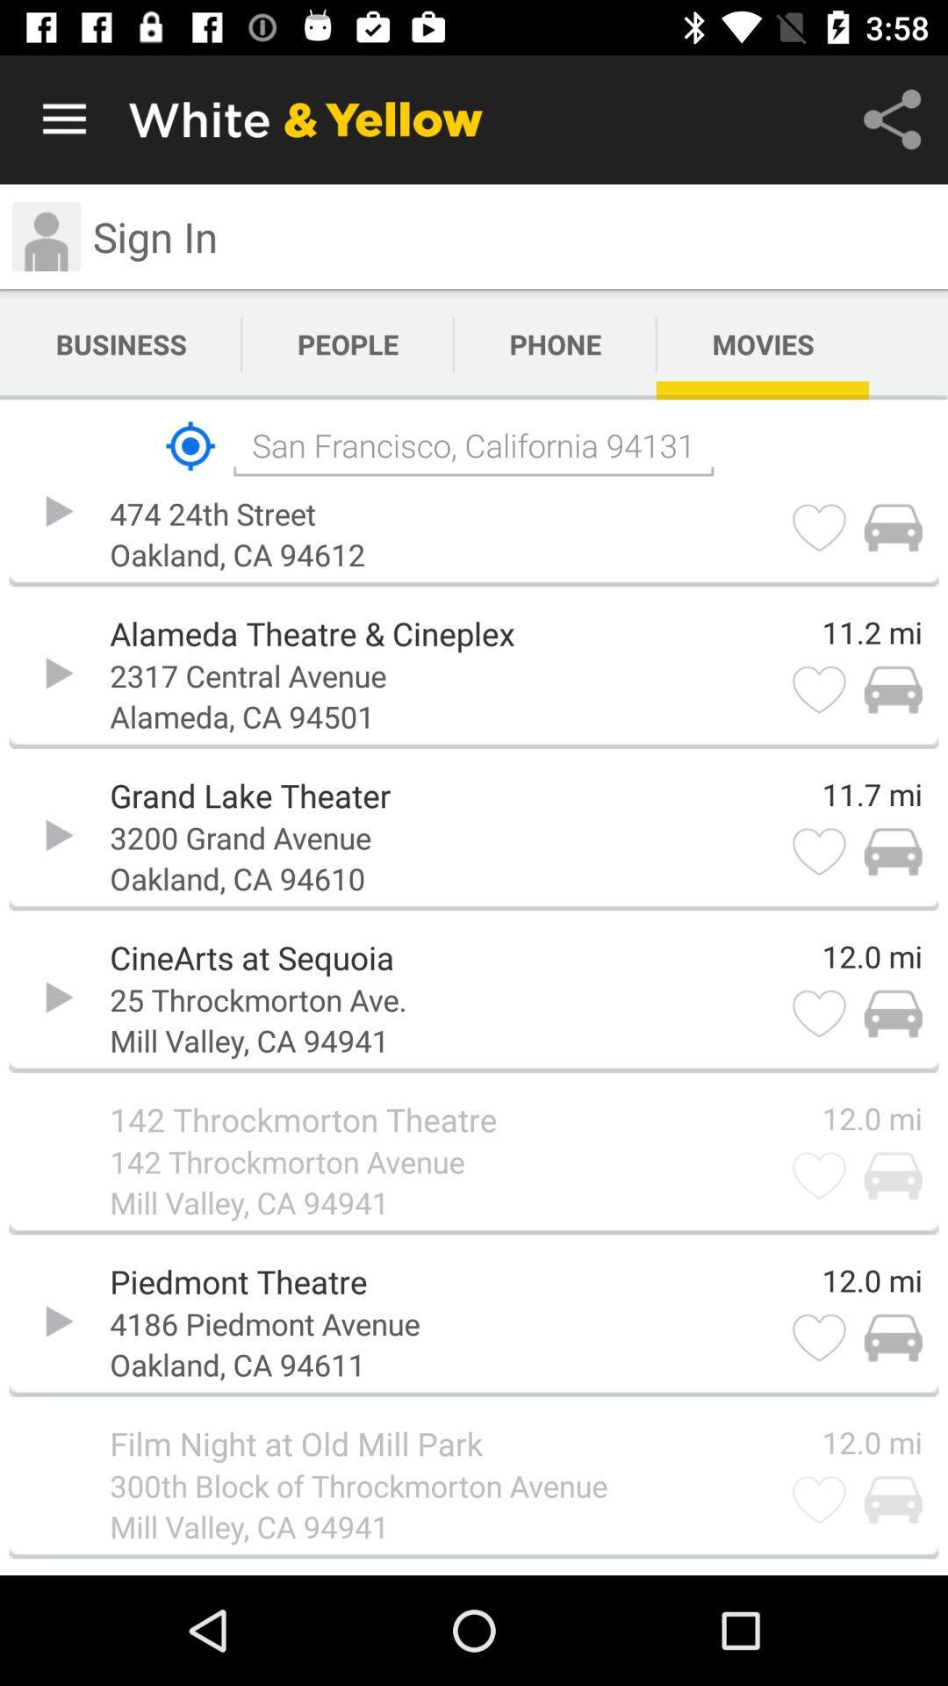 This screenshot has height=1686, width=948. What do you see at coordinates (120, 344) in the screenshot?
I see `the business` at bounding box center [120, 344].